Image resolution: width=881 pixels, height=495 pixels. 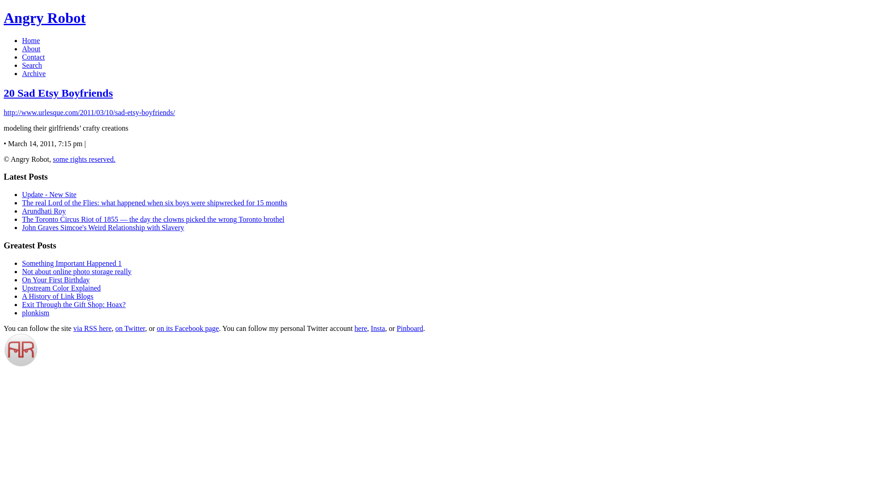 I want to click on 'on Twitter', so click(x=114, y=328).